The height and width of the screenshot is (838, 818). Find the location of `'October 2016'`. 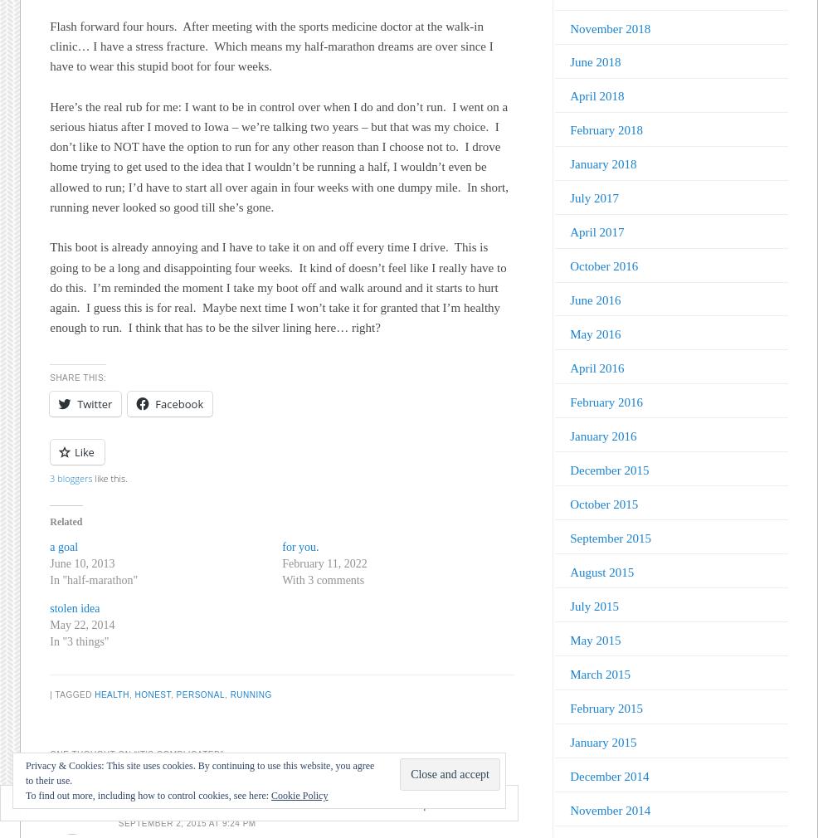

'October 2016' is located at coordinates (602, 266).